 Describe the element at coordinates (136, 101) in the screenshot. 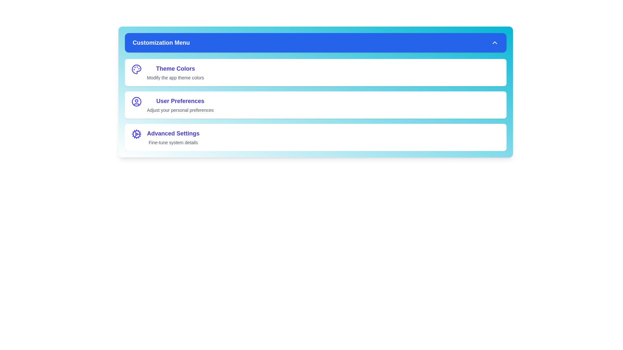

I see `the icon corresponding to User Preferences` at that location.